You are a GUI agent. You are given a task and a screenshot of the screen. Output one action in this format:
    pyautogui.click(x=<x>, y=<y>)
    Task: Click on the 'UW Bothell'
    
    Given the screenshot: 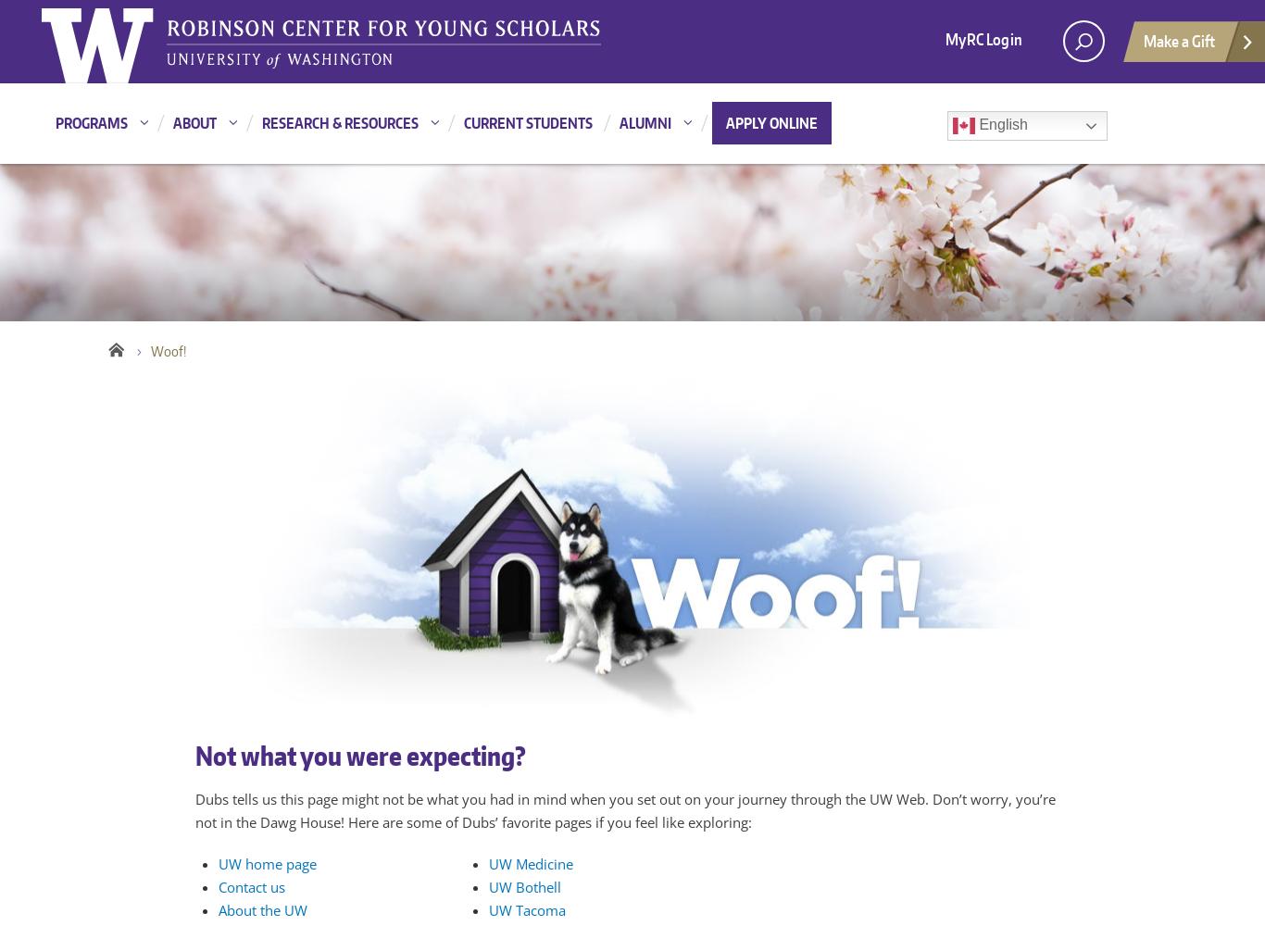 What is the action you would take?
    pyautogui.click(x=488, y=886)
    